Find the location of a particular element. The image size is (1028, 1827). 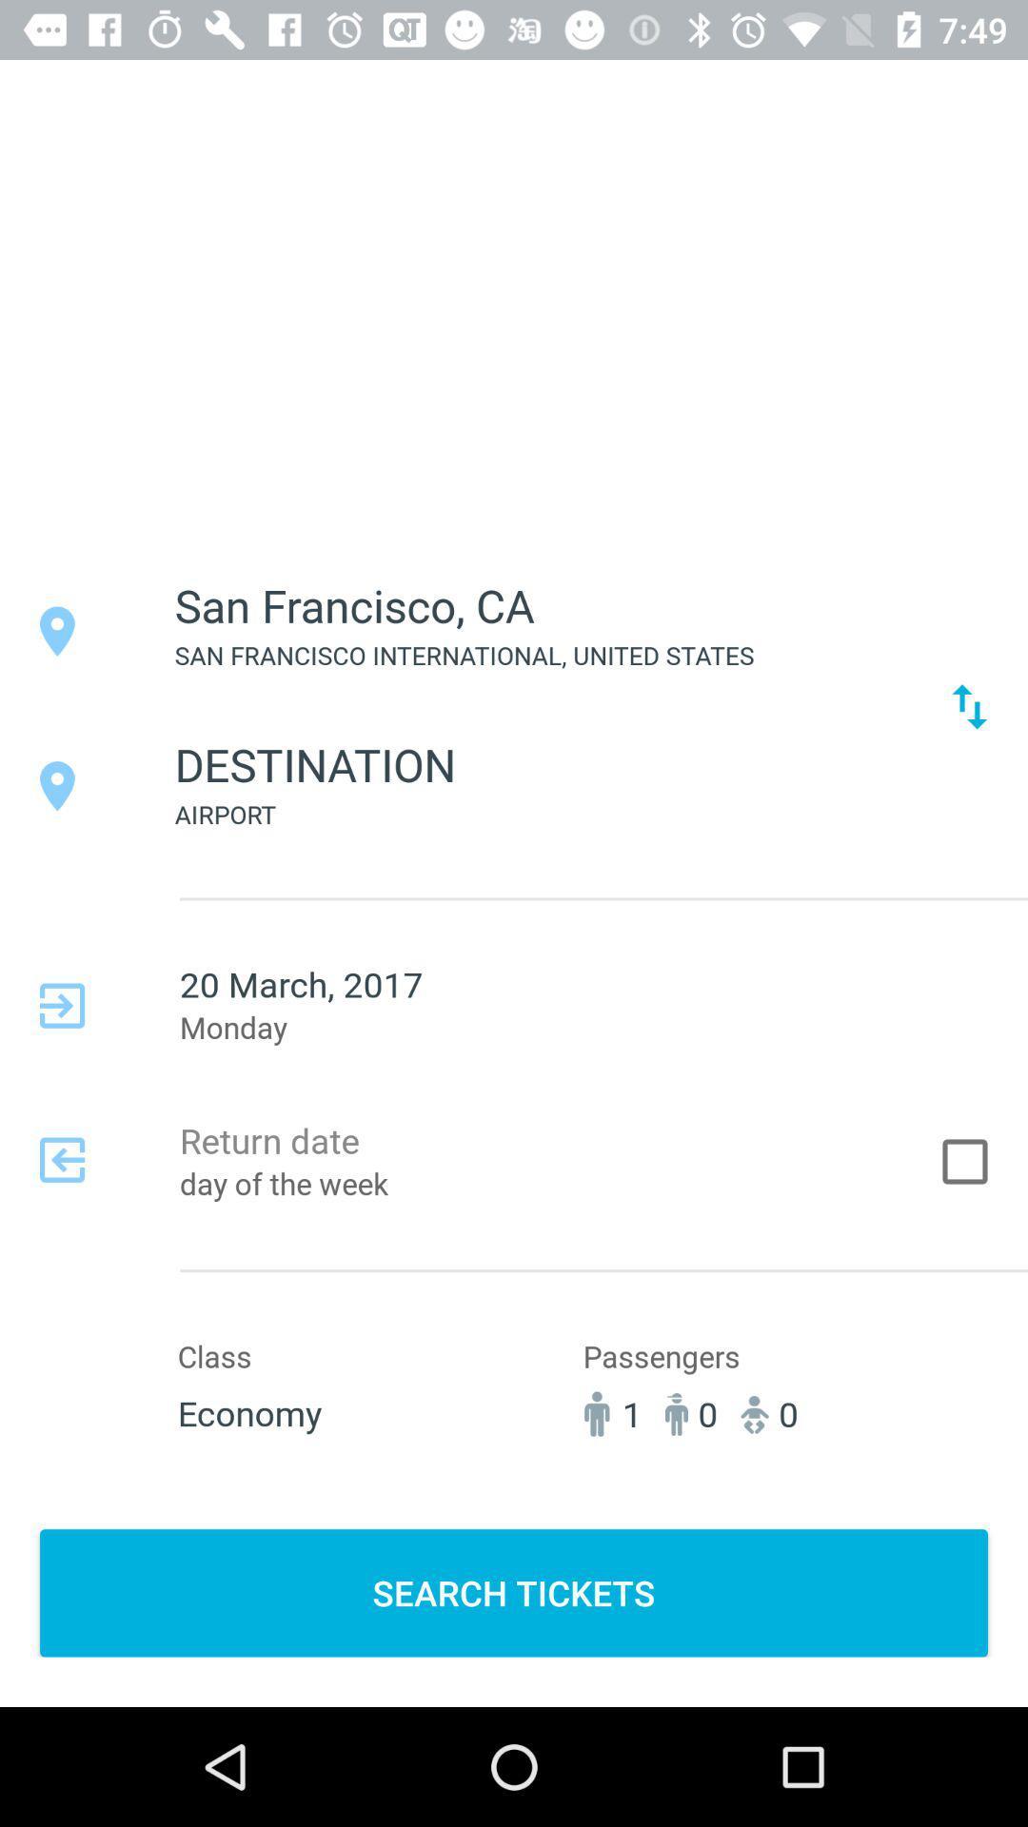

the item below 1 icon is located at coordinates (514, 1593).